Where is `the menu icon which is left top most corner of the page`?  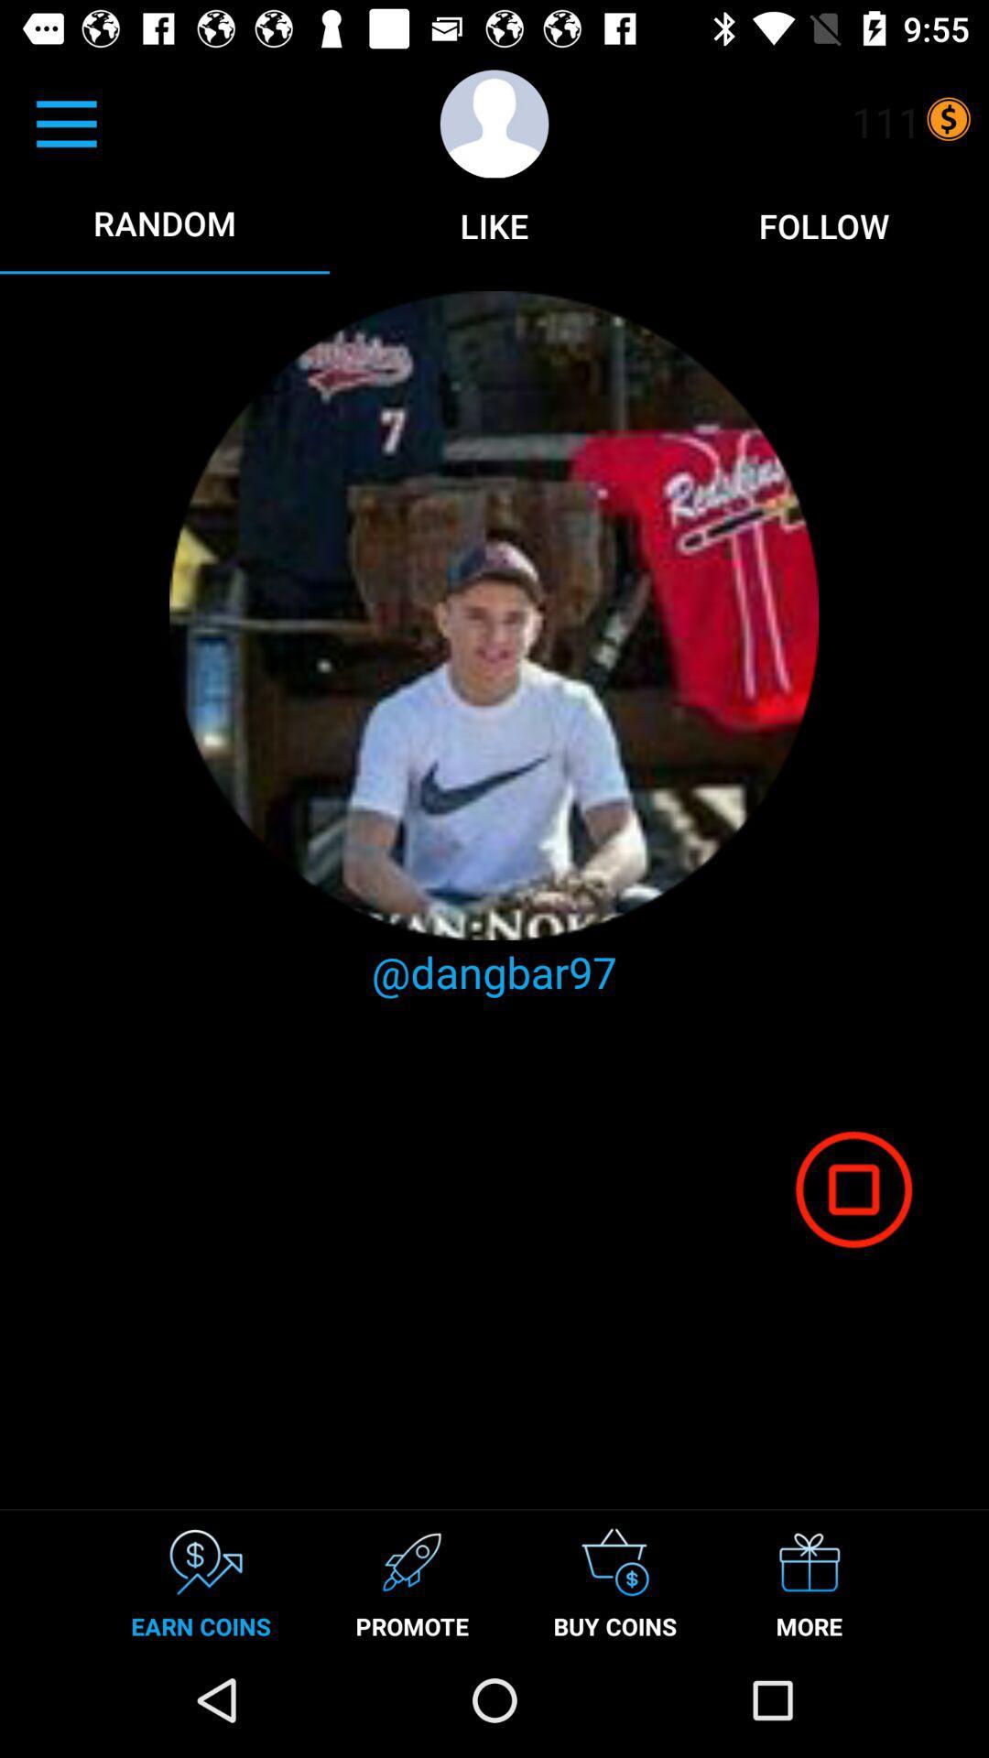 the menu icon which is left top most corner of the page is located at coordinates (96, 141).